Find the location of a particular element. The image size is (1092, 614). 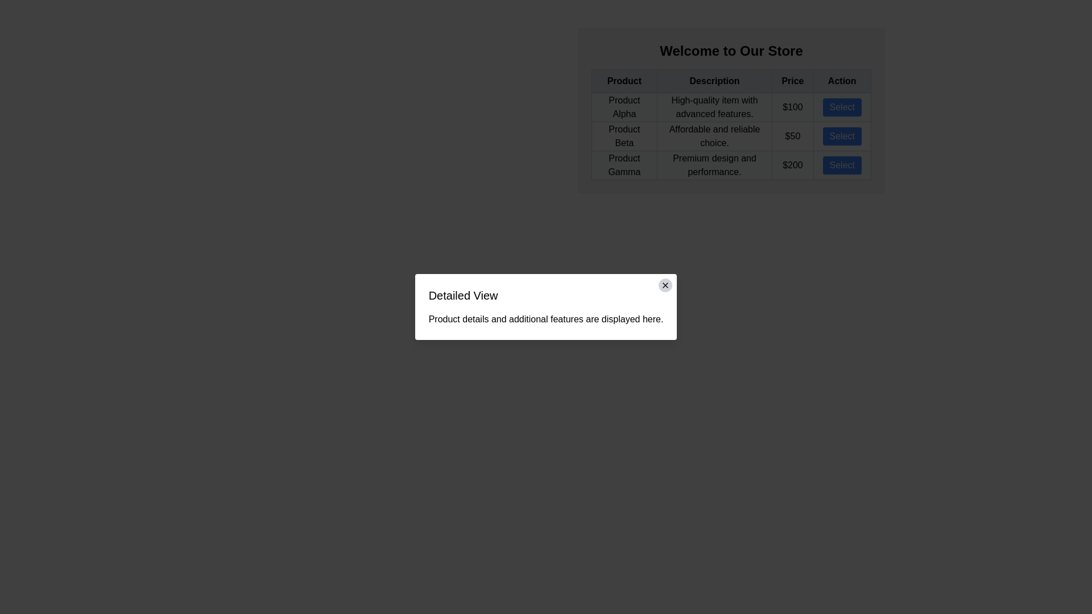

the rectangular blue button labeled 'Select' in the second row of the 'Action' column for 'Product Beta' is located at coordinates (842, 135).